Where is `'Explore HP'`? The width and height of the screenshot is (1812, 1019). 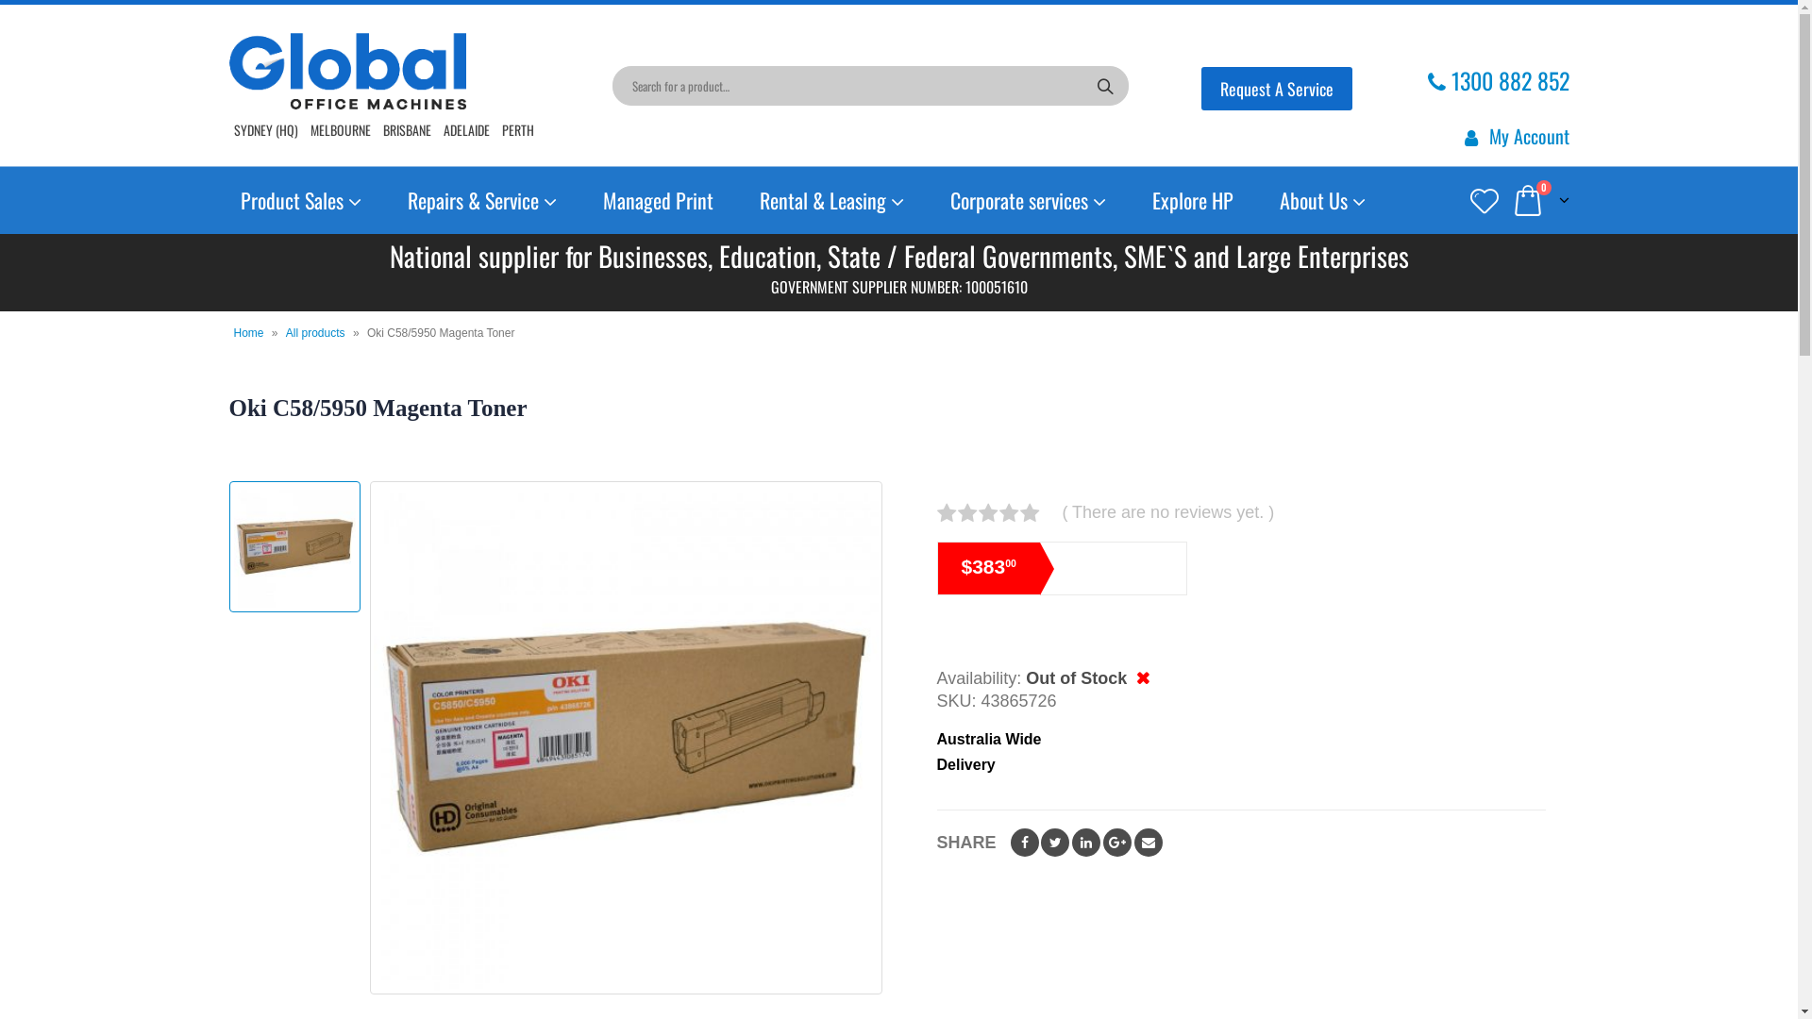 'Explore HP' is located at coordinates (1190, 199).